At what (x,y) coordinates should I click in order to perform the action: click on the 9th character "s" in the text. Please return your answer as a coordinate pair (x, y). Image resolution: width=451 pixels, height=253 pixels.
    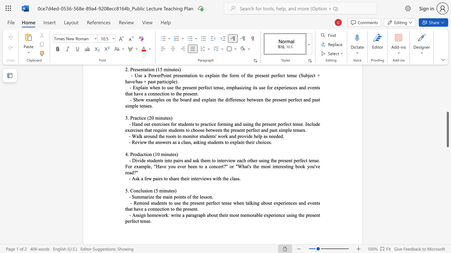
    Looking at the image, I should click on (268, 166).